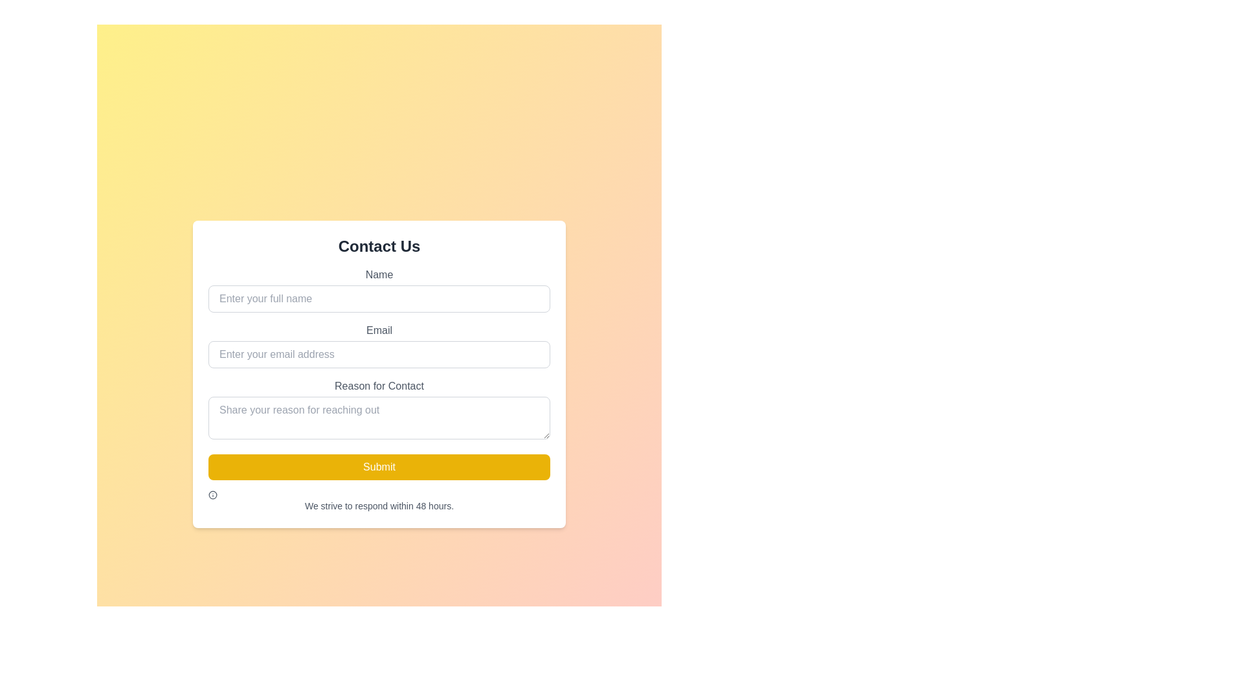 The width and height of the screenshot is (1243, 699). Describe the element at coordinates (378, 385) in the screenshot. I see `the Text Label that describes the purpose of the associated input field for providing a reason for contacting, located centrally above the 'Share your reason for reaching out' text input field` at that location.